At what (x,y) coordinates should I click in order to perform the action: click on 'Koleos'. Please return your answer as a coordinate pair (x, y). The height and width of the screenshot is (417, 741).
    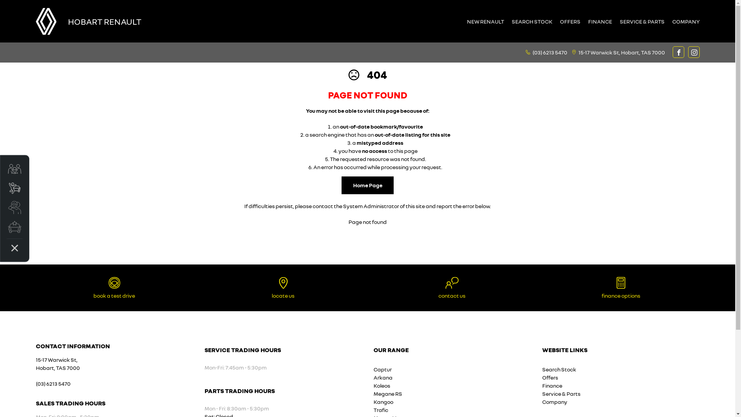
    Looking at the image, I should click on (382, 385).